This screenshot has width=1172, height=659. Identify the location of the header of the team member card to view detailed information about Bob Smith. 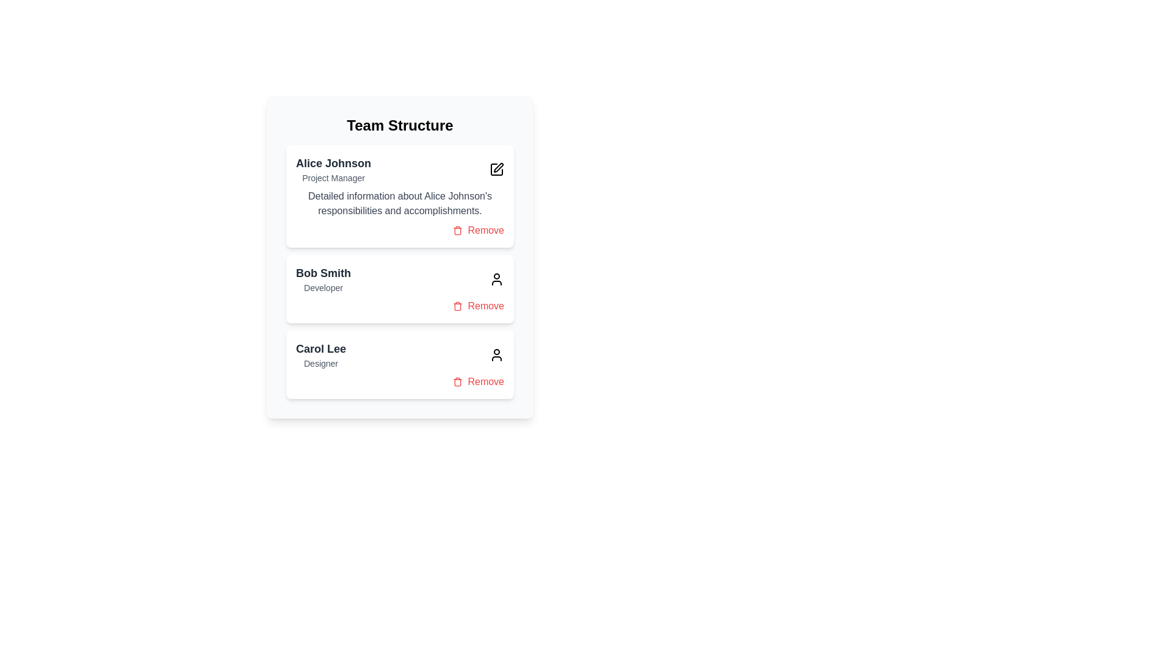
(400, 279).